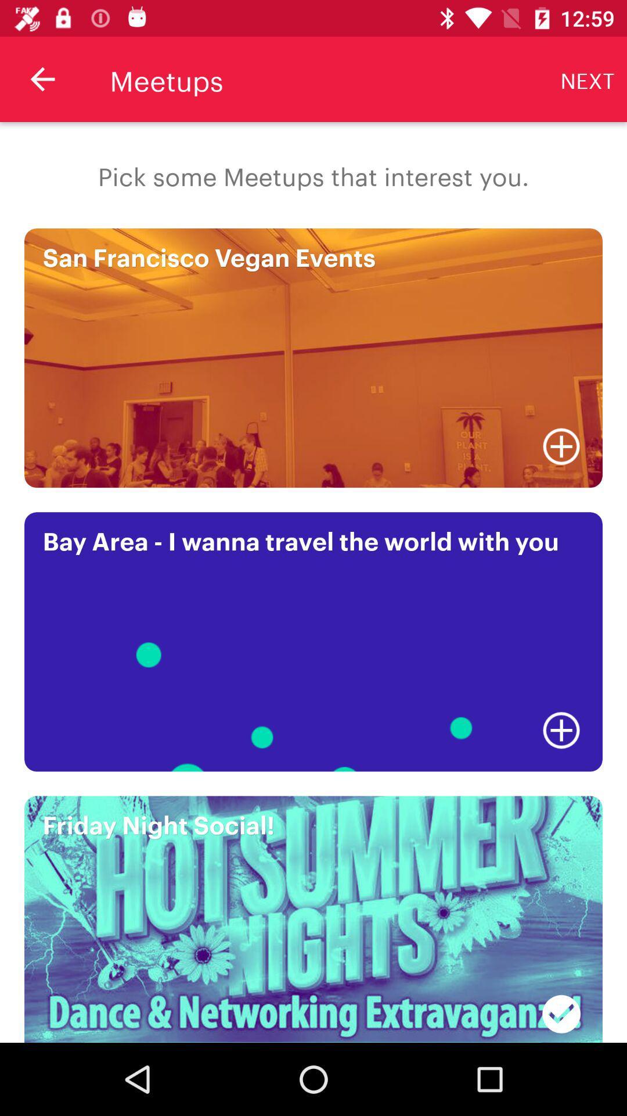 Image resolution: width=627 pixels, height=1116 pixels. What do you see at coordinates (588, 78) in the screenshot?
I see `the item above pick some meetups icon` at bounding box center [588, 78].